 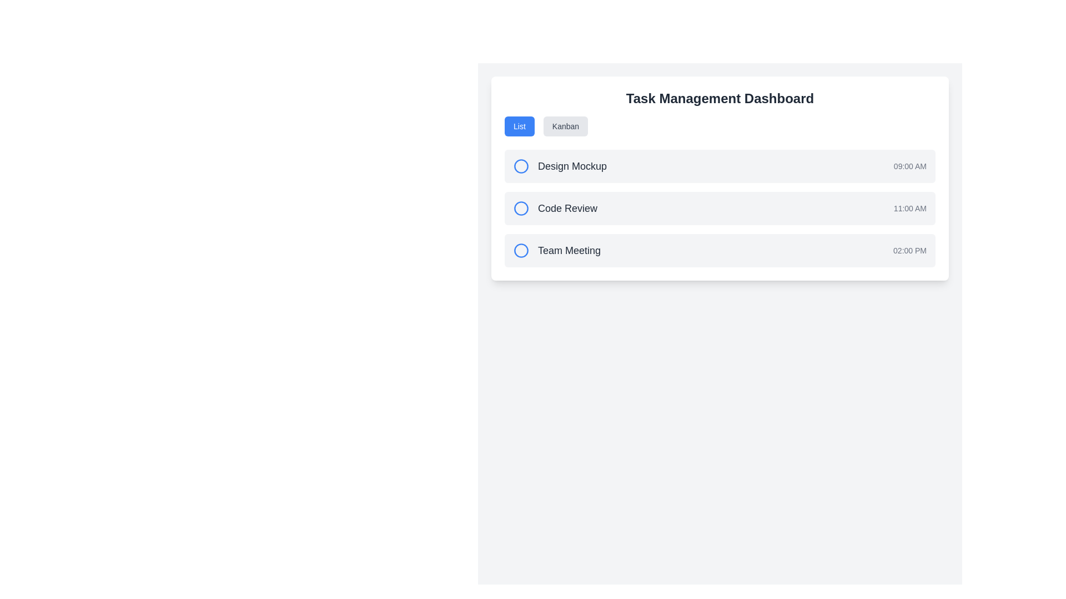 What do you see at coordinates (521, 208) in the screenshot?
I see `the circular icon with a blue outline located to the immediate left of the text 'Code Review' in the second row of the task management interface` at bounding box center [521, 208].